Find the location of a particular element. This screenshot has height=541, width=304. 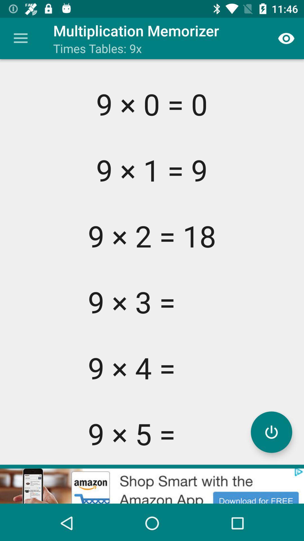

turn off/on is located at coordinates (271, 432).